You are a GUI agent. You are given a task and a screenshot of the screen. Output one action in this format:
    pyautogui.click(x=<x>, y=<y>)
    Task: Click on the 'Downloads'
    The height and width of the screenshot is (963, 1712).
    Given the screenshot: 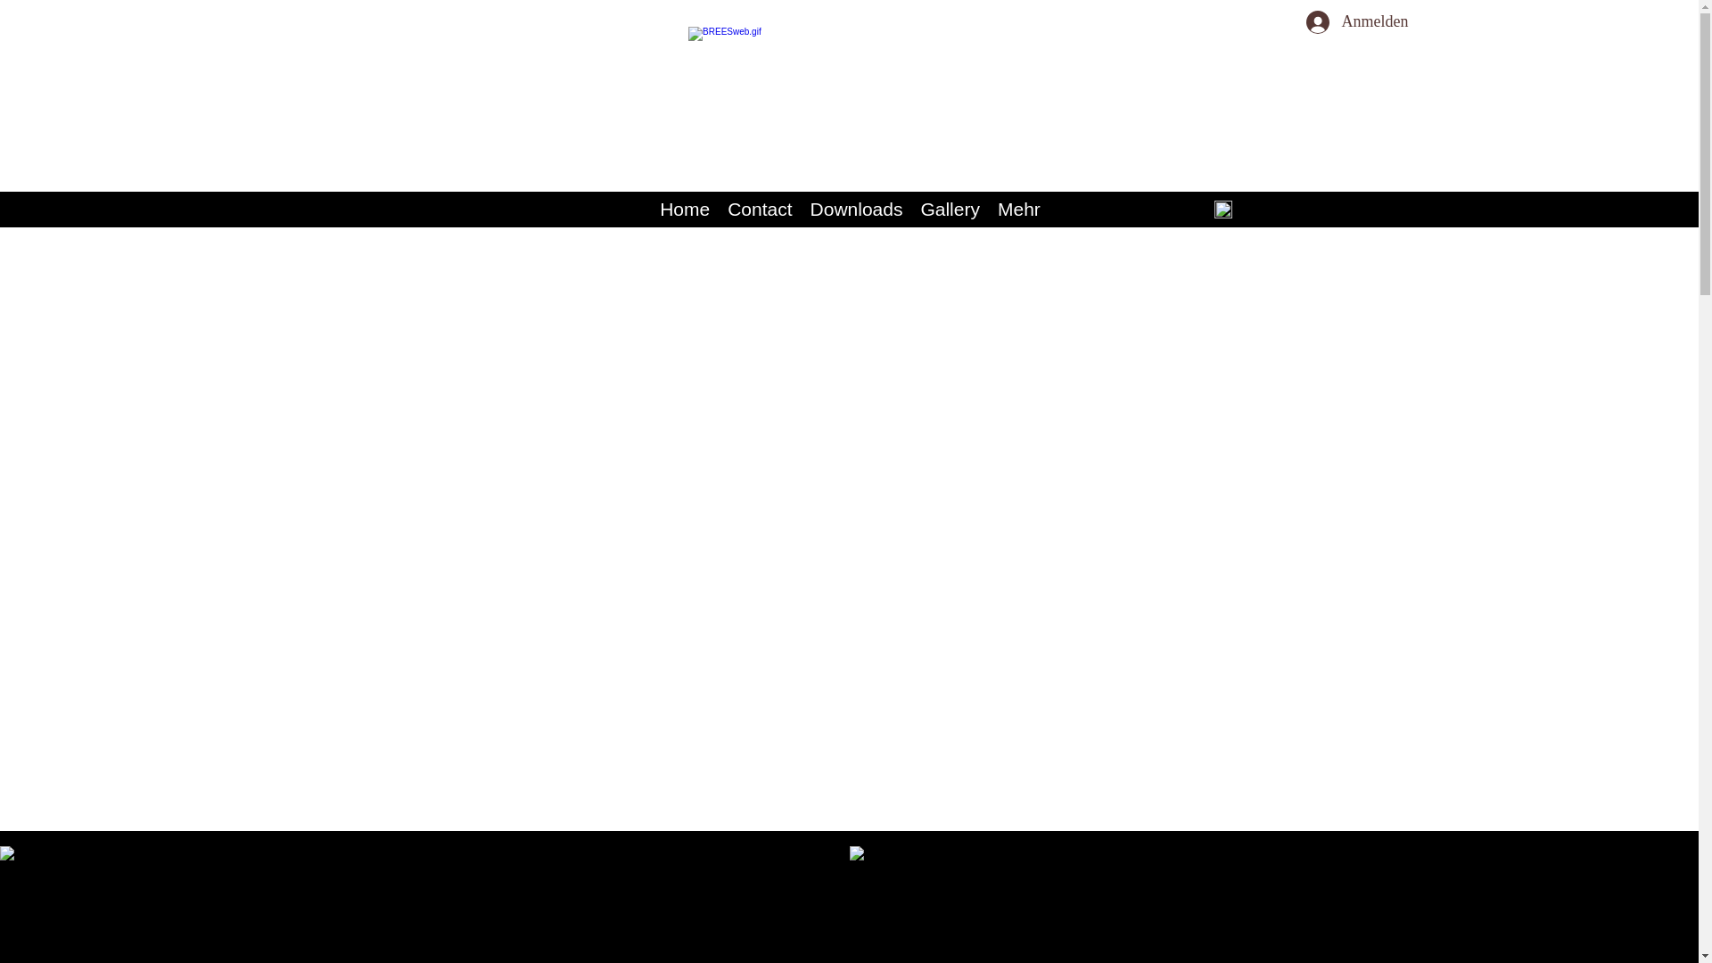 What is the action you would take?
    pyautogui.click(x=800, y=209)
    